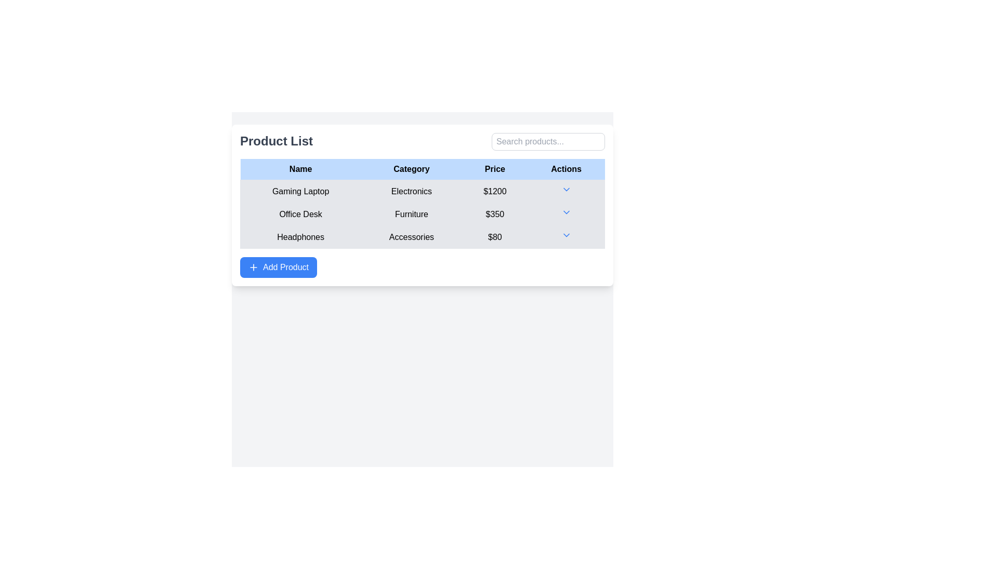 The image size is (998, 561). I want to click on the static text display showing the price of the 'Headphones' item, located in the fourth column of the last row under the 'Price' column, so click(494, 237).